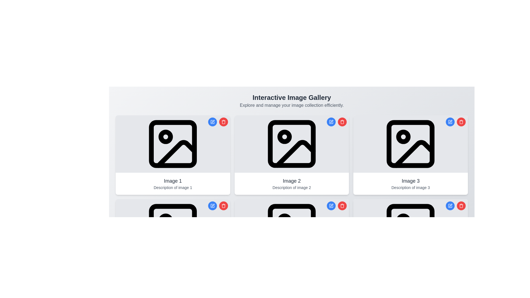 The width and height of the screenshot is (530, 298). What do you see at coordinates (331, 206) in the screenshot?
I see `the edit button located at the top-right corner of the card labeled 'Image 2', which is the leftmost action button next to the red trash icon` at bounding box center [331, 206].